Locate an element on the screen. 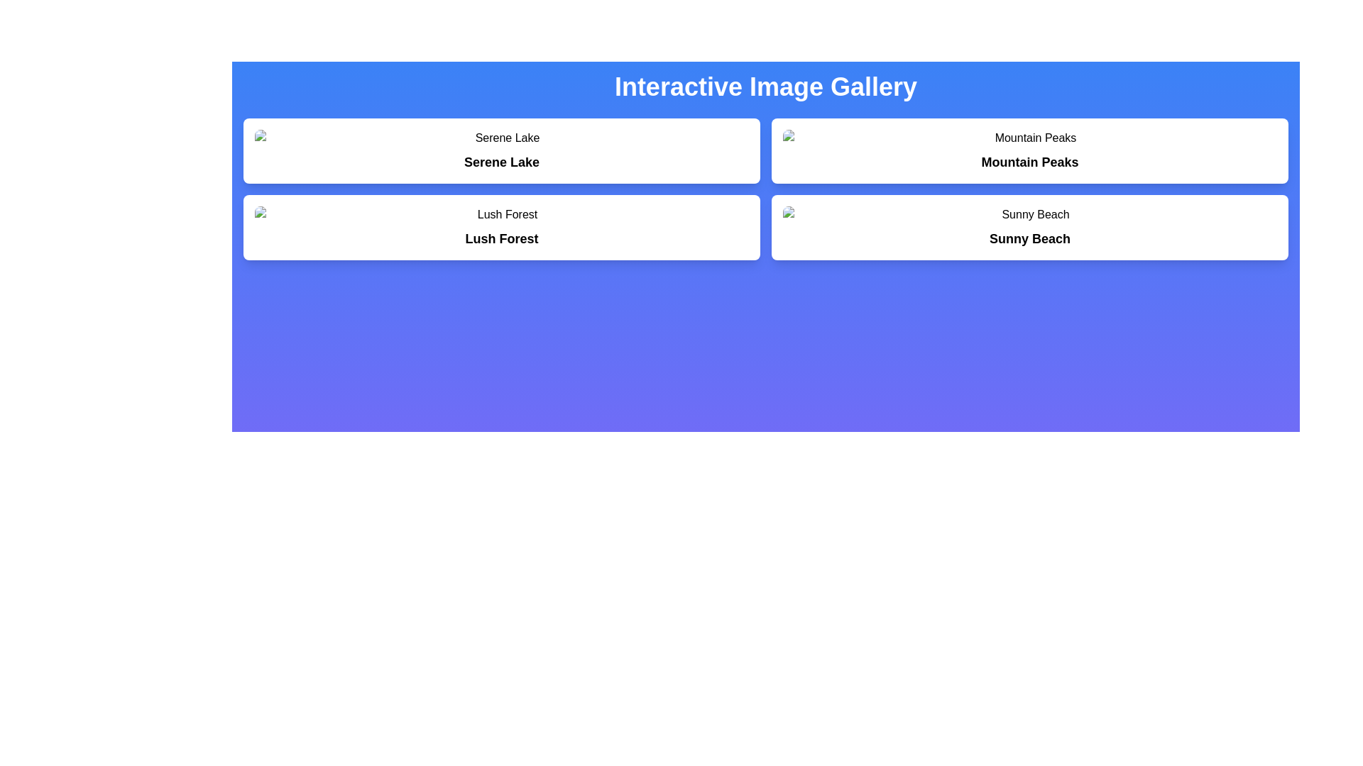 This screenshot has height=766, width=1363. the image associated with the 'Lush Forest' title located in the bottom-left of the layout to interact with it is located at coordinates (501, 215).